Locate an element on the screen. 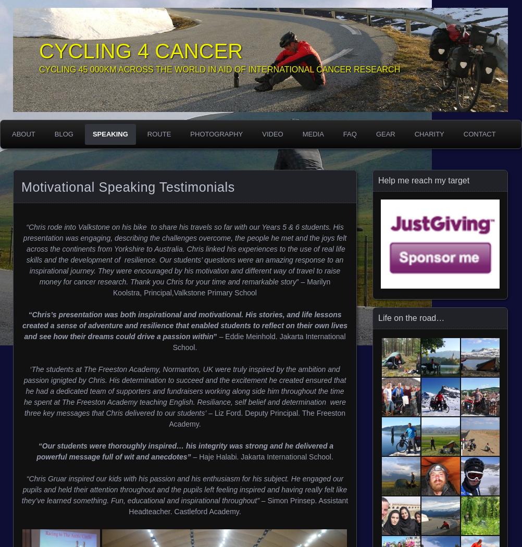 The width and height of the screenshot is (522, 547). 'CYCLING 4 CANCER' is located at coordinates (140, 51).